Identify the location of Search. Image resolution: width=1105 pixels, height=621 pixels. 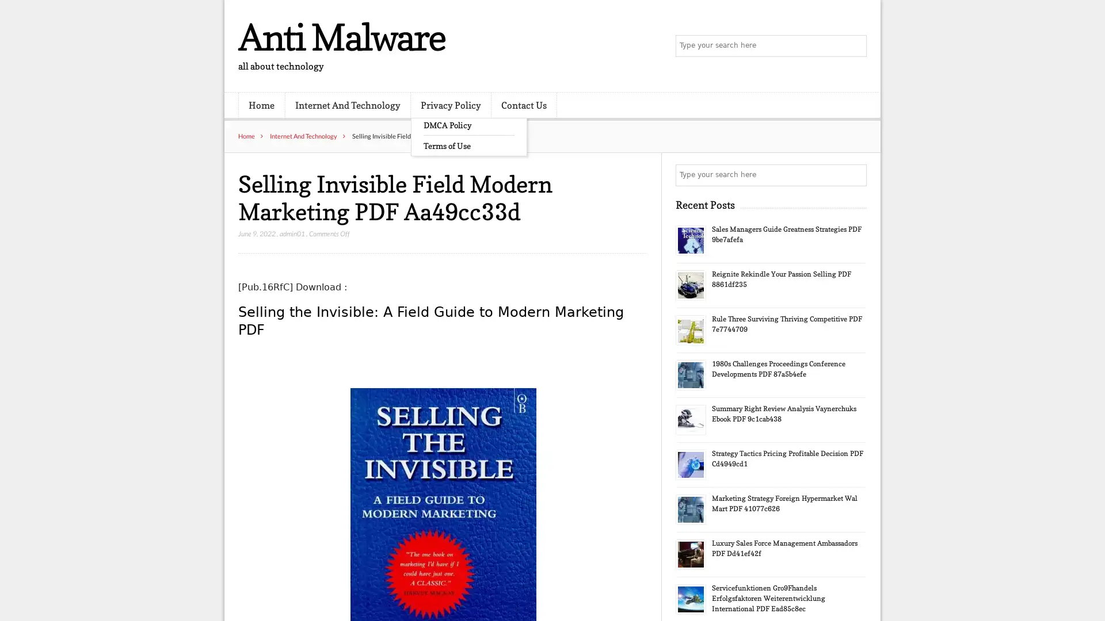
(855, 46).